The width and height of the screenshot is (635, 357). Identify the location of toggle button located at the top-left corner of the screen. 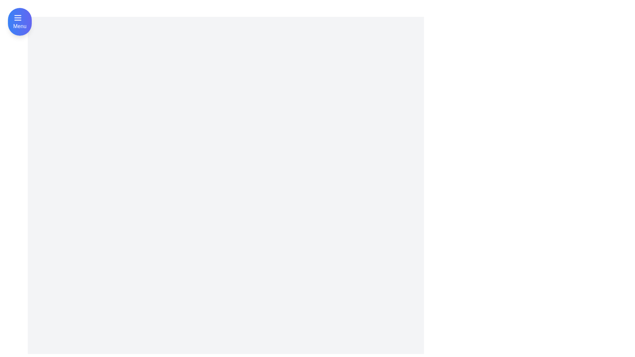
(20, 21).